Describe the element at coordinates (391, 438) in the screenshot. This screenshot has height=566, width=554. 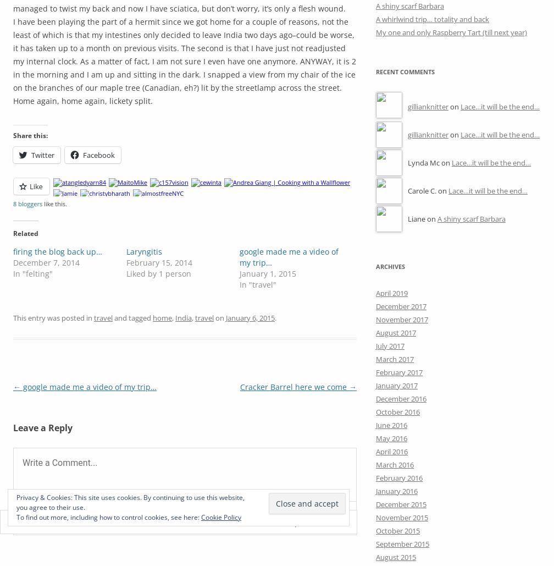
I see `'May 2016'` at that location.